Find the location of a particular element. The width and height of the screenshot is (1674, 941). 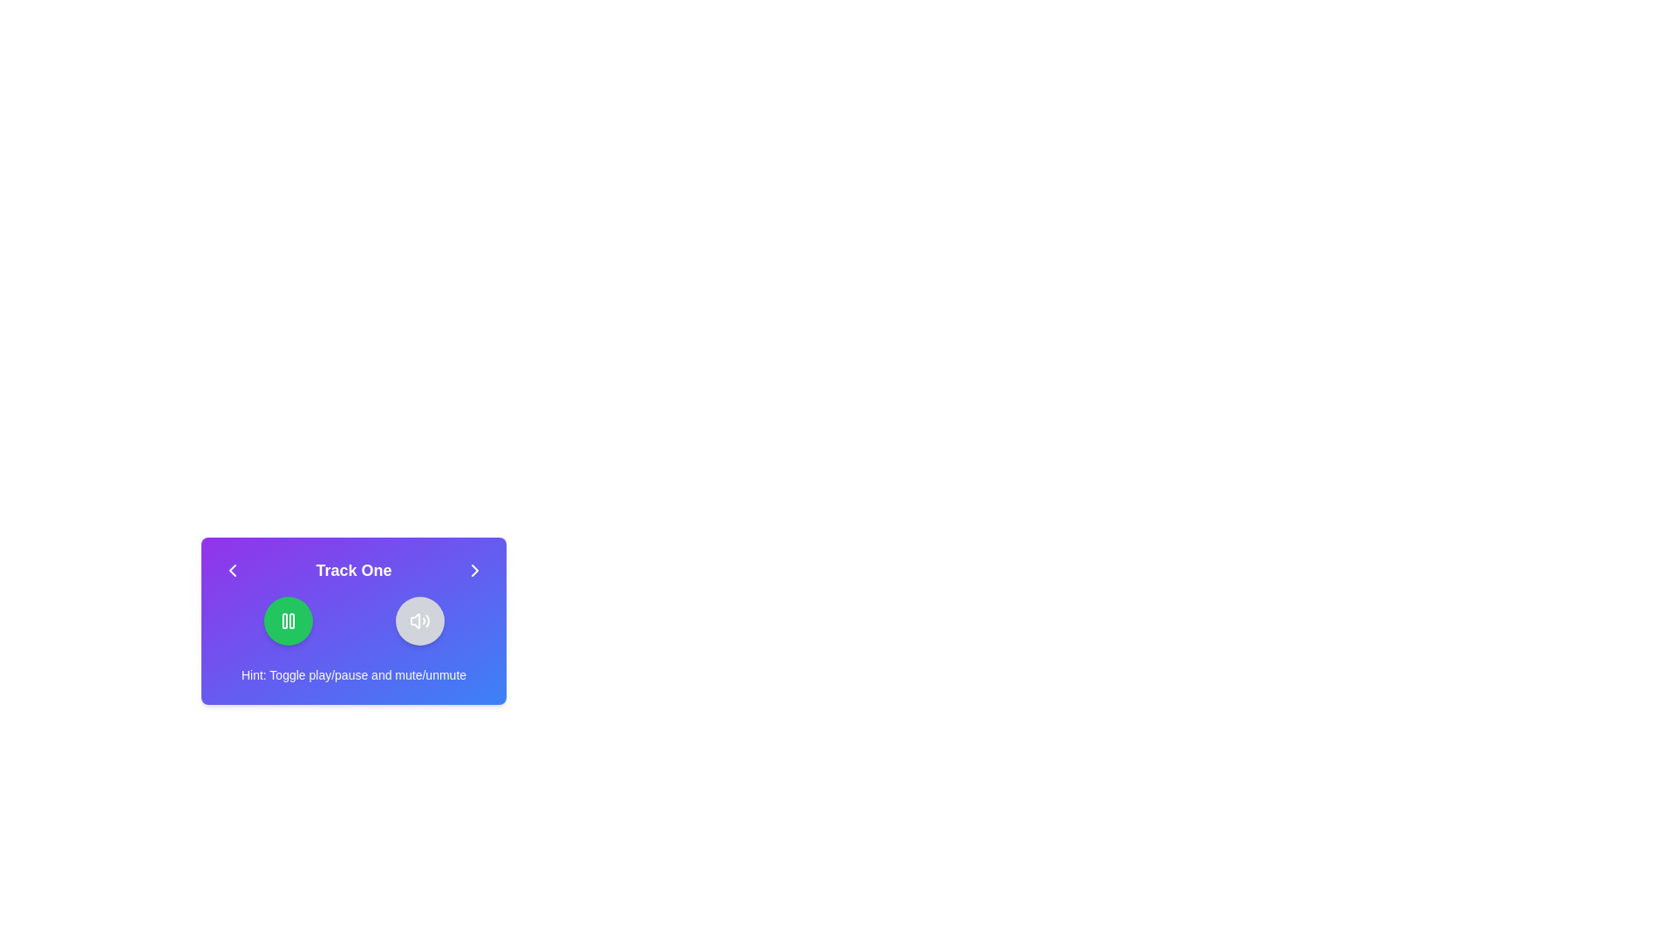

the left vertical bar of the pause icon located within the green circular background under the 'Track One' title is located at coordinates (284, 620).